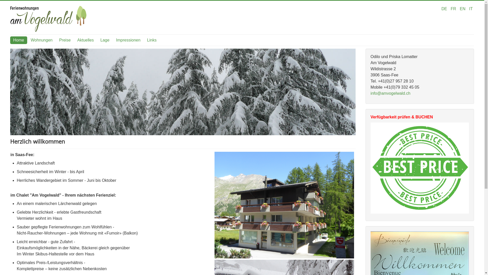 This screenshot has width=488, height=275. Describe the element at coordinates (19, 40) in the screenshot. I see `'Home'` at that location.